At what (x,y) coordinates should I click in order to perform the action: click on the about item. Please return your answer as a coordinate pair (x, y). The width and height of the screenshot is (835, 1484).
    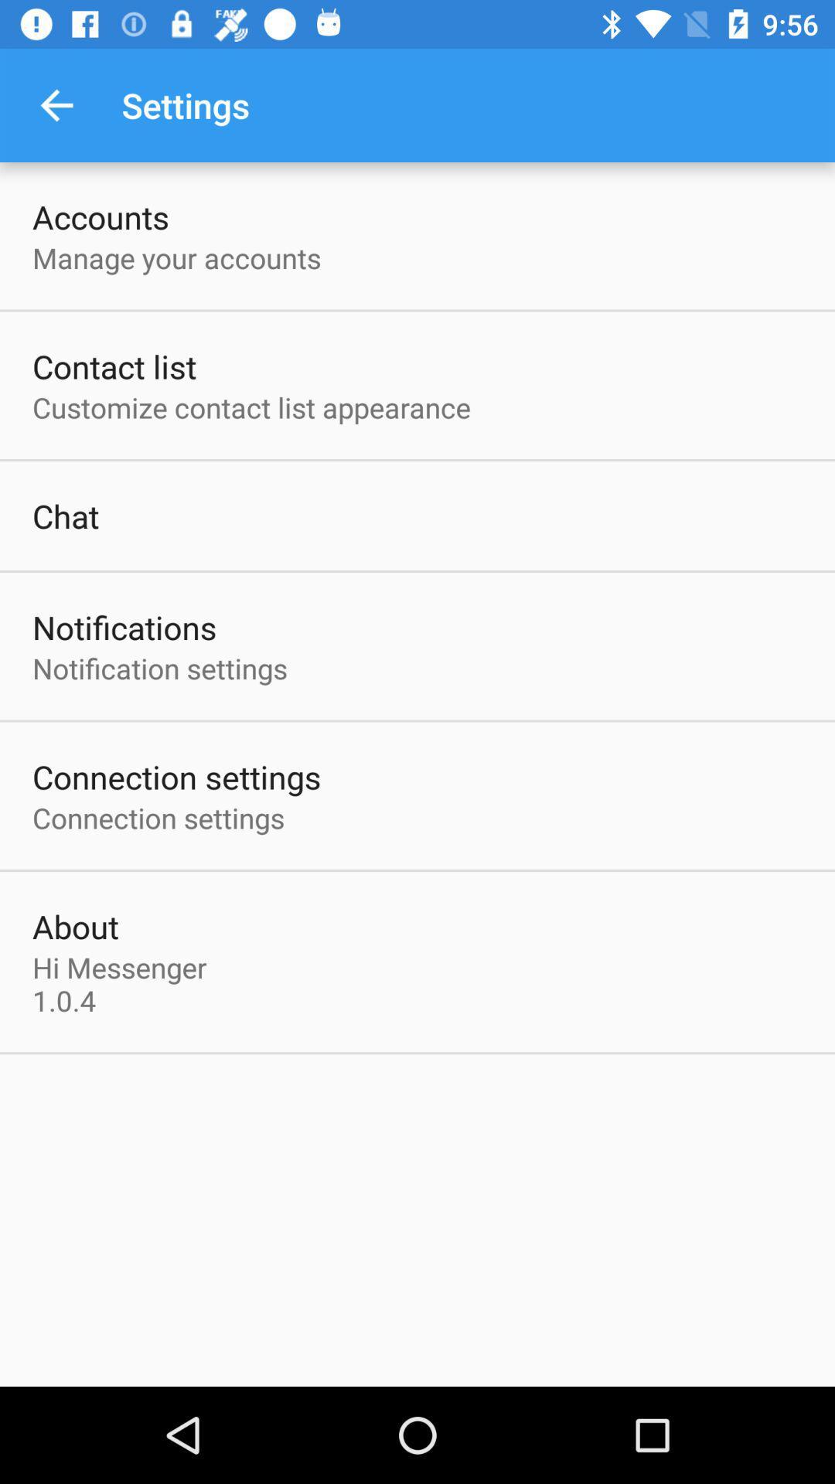
    Looking at the image, I should click on (75, 926).